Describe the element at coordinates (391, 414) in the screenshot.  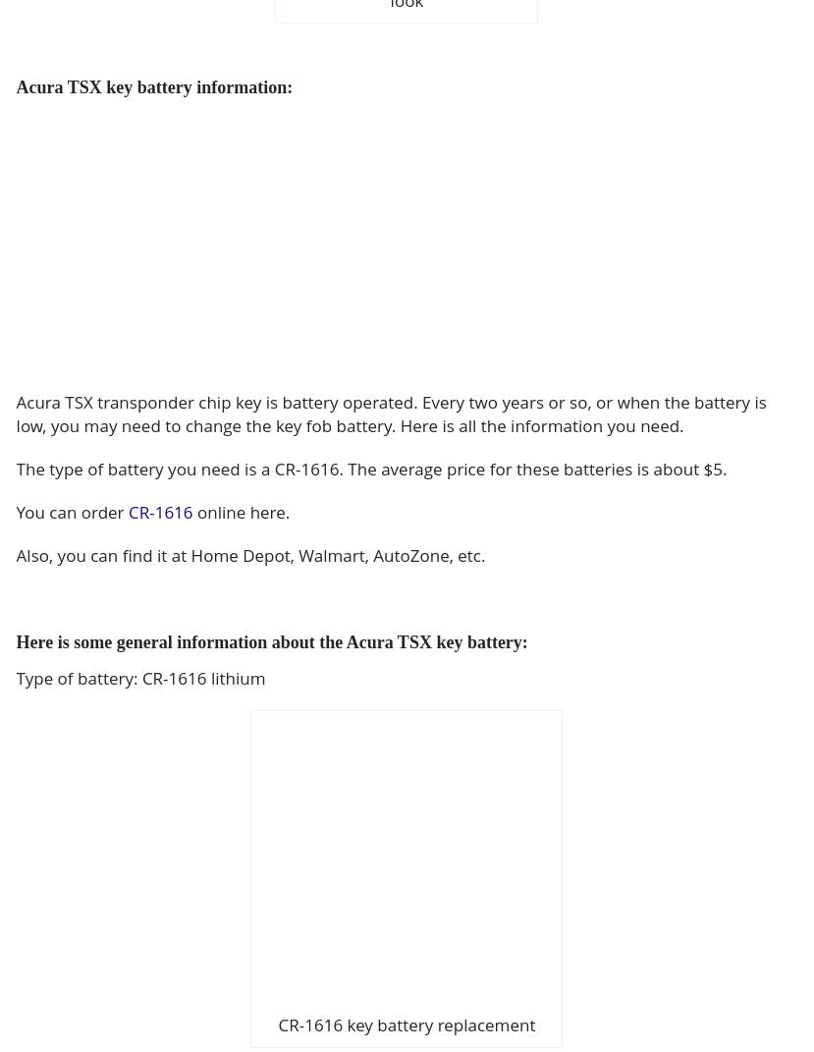
I see `'Acura TSX transponder chip key is battery operated. Every two years or so, or when the battery is low, you may need to change the key fob battery. Here is all the information you need.'` at that location.